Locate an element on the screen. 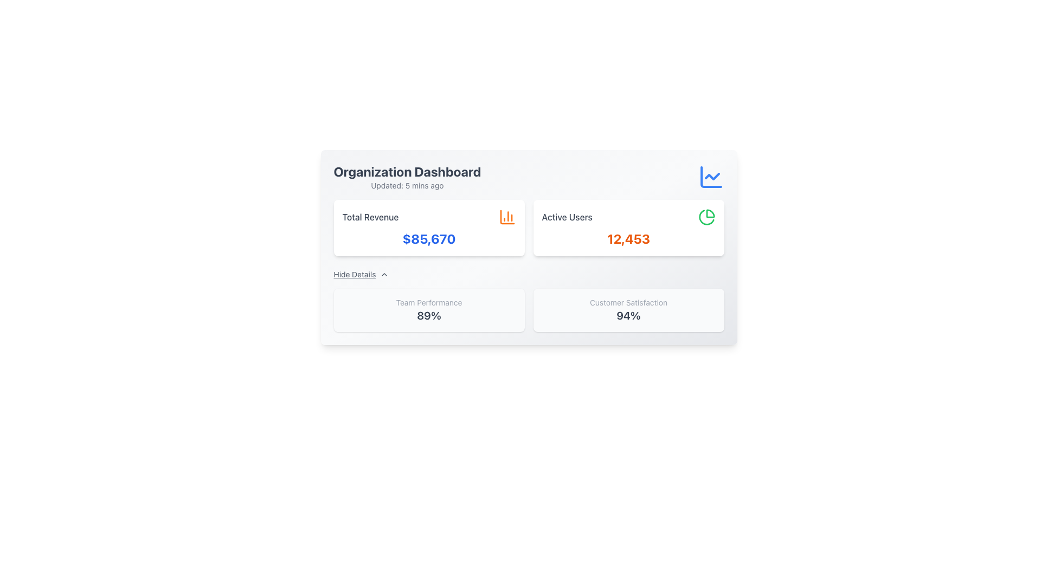  the analytics icon located in the top-right corner of the 'Organization Dashboard' header is located at coordinates (711, 177).